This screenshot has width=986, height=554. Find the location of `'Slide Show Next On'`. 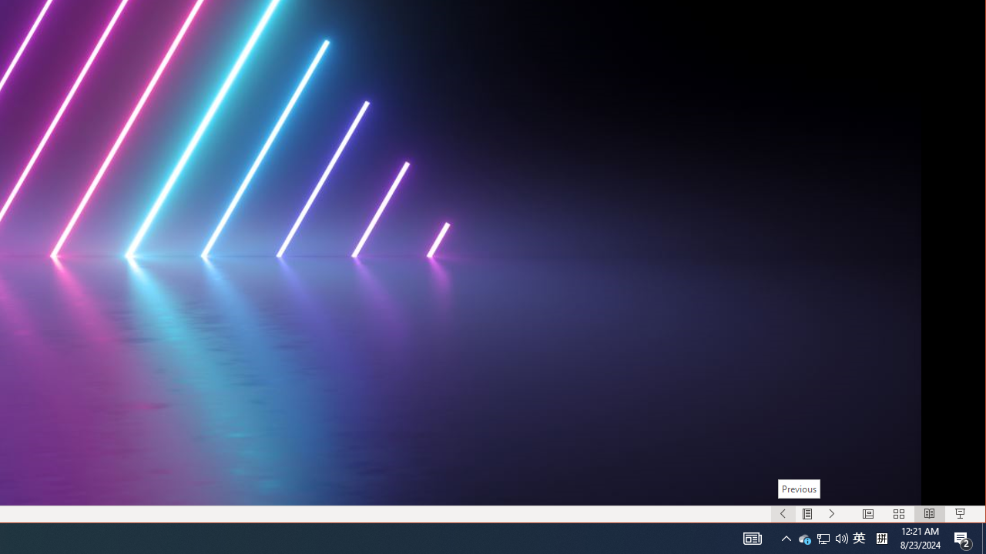

'Slide Show Next On' is located at coordinates (831, 514).